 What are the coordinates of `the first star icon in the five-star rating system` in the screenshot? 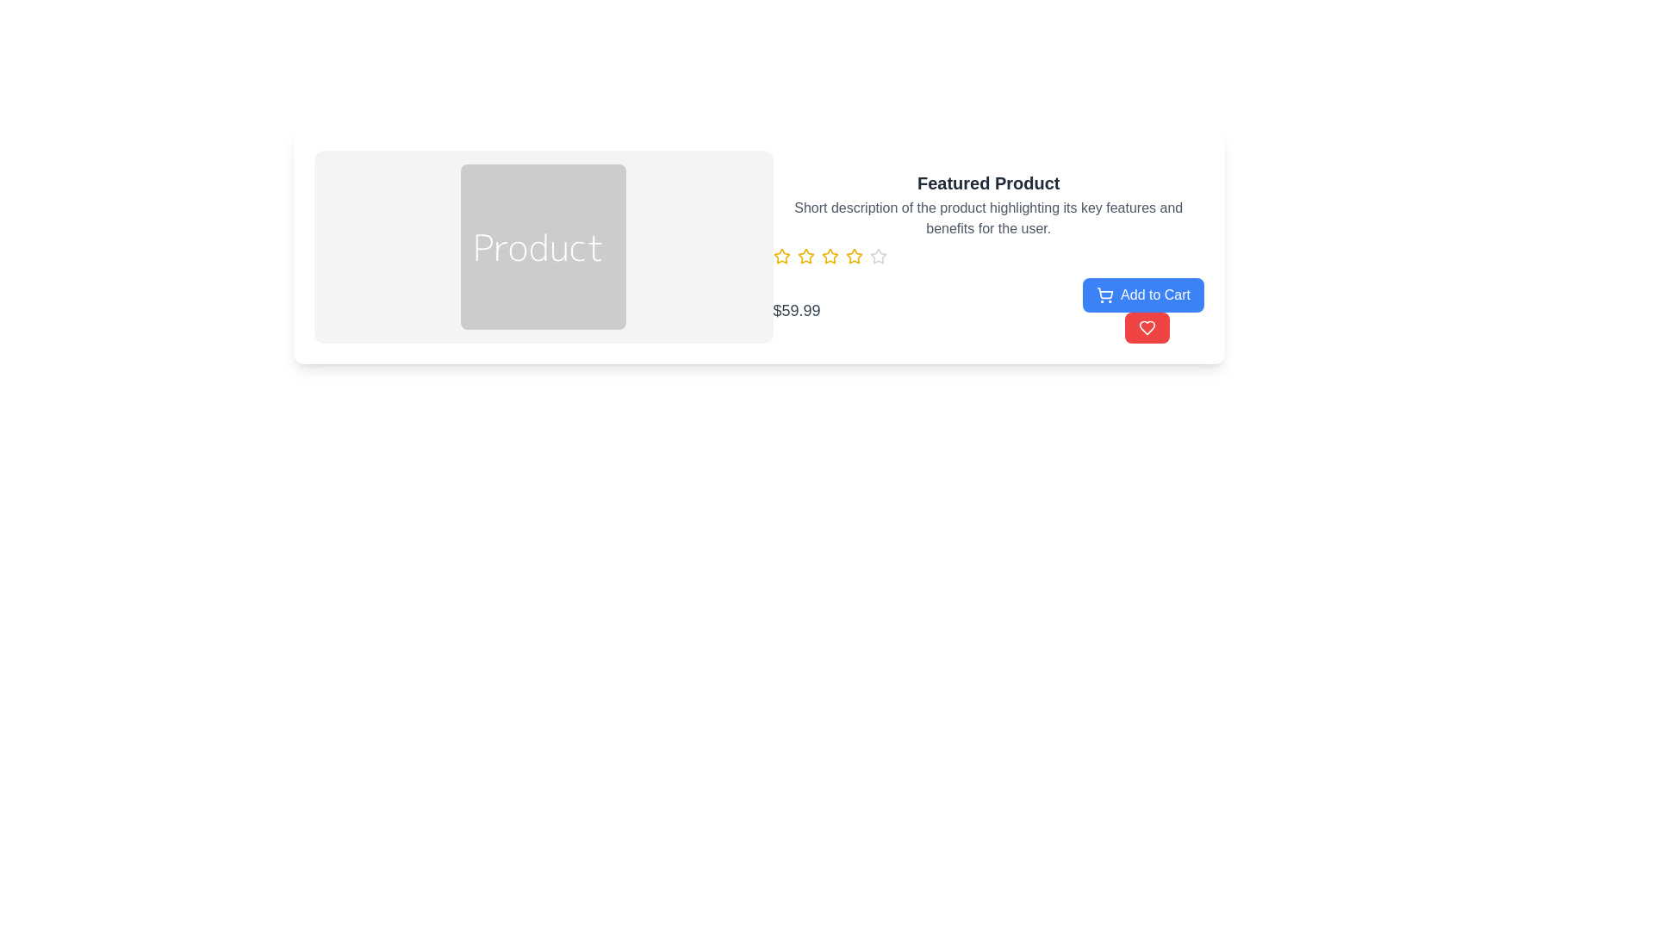 It's located at (780, 256).